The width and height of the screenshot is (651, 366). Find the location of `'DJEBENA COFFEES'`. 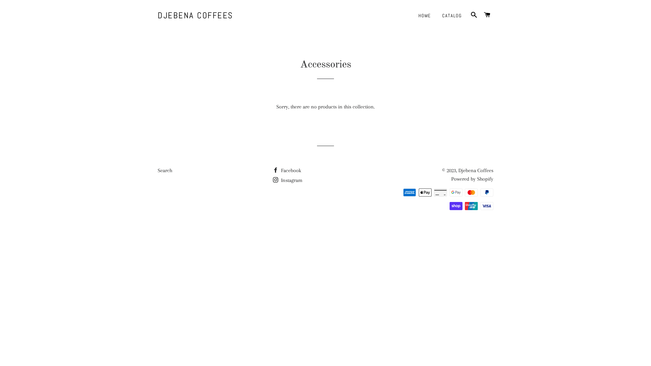

'DJEBENA COFFEES' is located at coordinates (195, 15).